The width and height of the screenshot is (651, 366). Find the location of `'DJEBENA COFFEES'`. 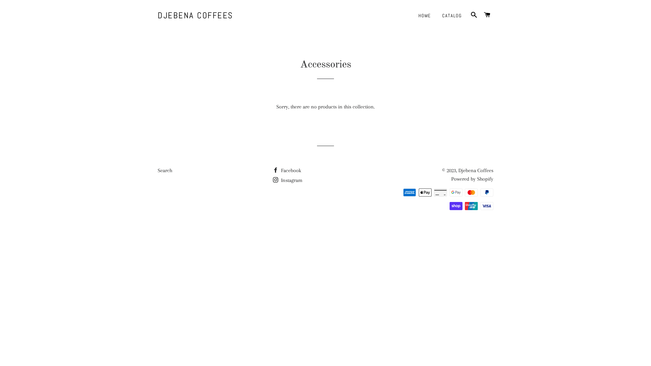

'DJEBENA COFFEES' is located at coordinates (195, 15).